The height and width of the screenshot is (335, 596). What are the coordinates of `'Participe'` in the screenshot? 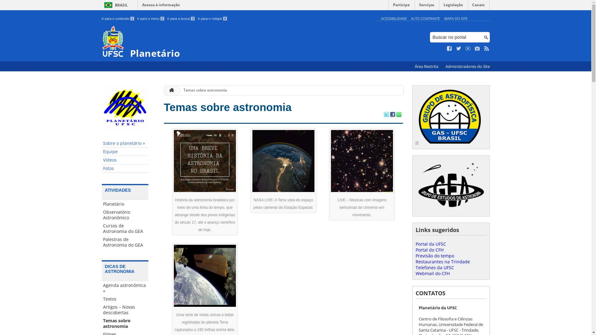 It's located at (401, 6).